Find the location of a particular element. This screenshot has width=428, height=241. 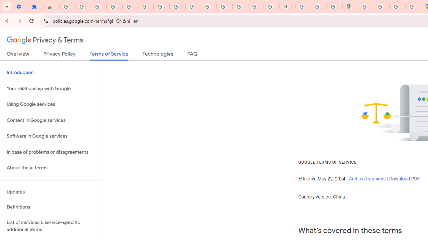

'Download PDF' is located at coordinates (404, 178).